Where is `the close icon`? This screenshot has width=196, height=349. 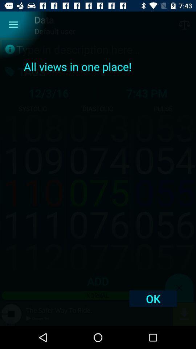
the close icon is located at coordinates (179, 288).